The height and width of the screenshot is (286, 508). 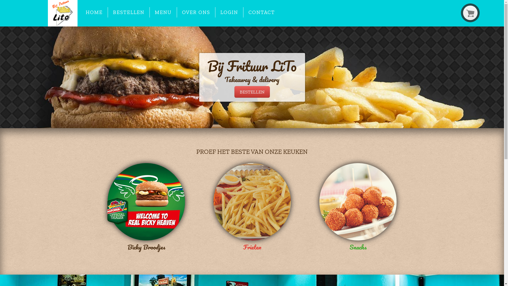 What do you see at coordinates (229, 12) in the screenshot?
I see `'LOGIN'` at bounding box center [229, 12].